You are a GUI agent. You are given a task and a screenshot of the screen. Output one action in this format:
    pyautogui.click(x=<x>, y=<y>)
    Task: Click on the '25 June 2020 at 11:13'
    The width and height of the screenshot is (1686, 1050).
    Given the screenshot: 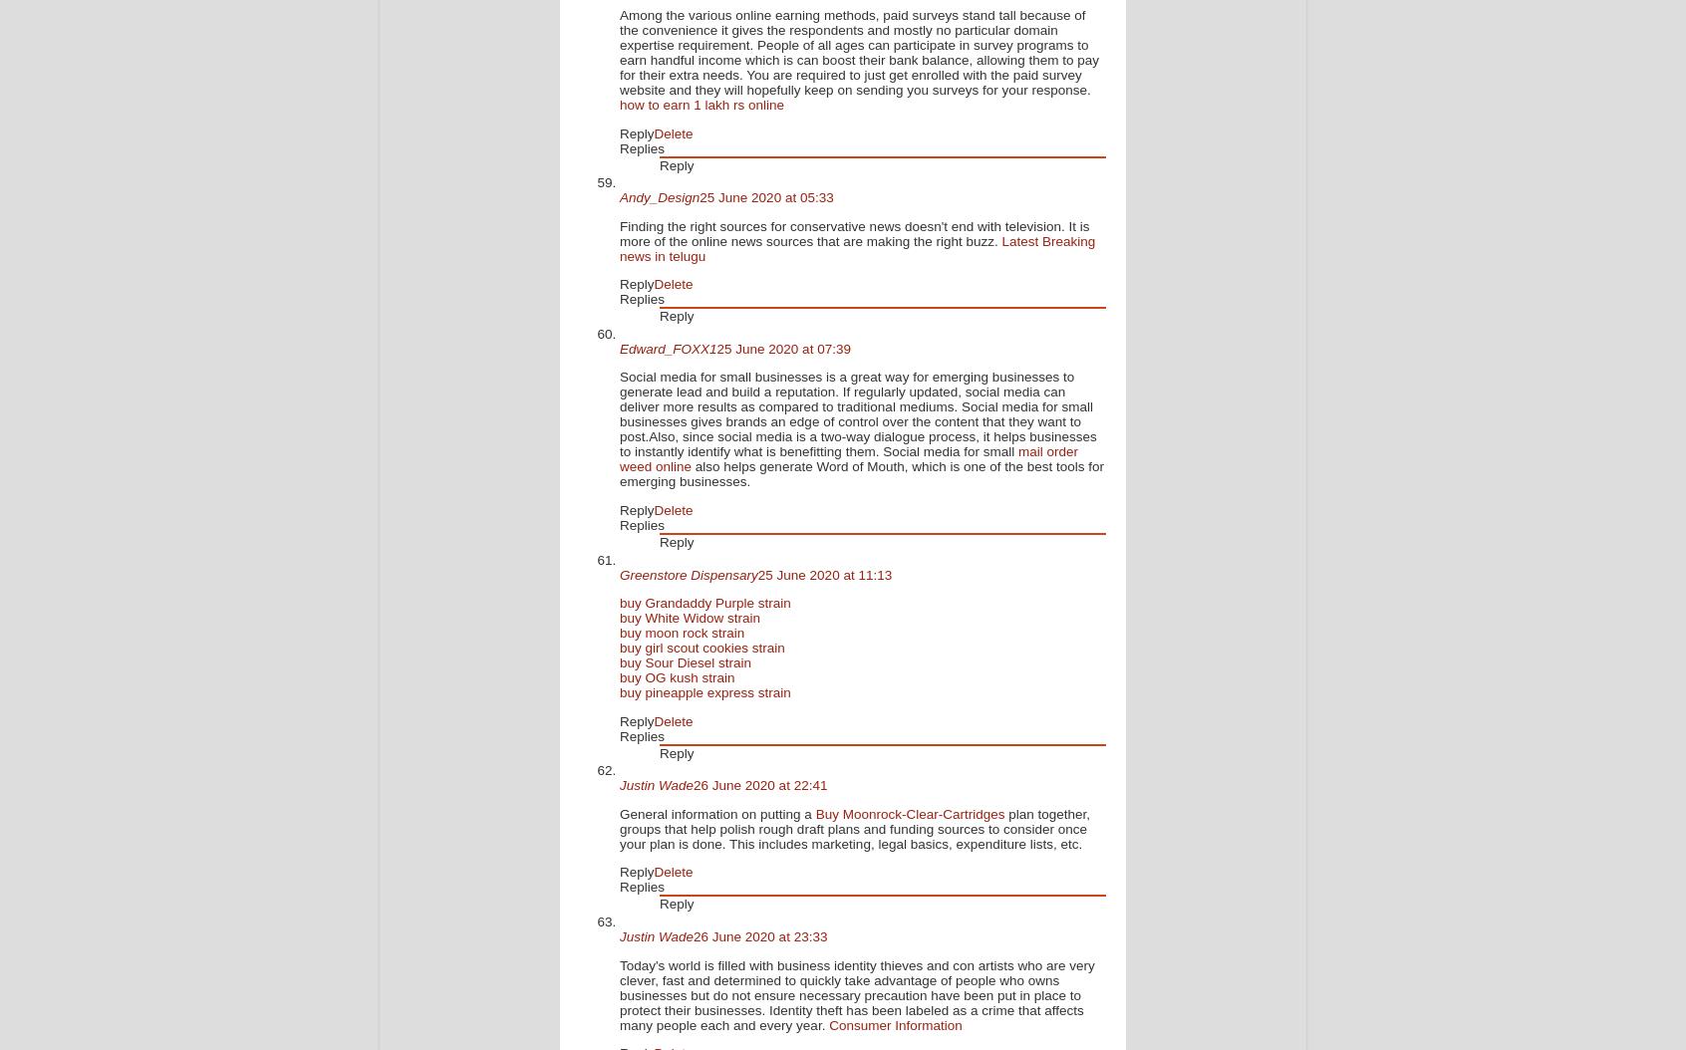 What is the action you would take?
    pyautogui.click(x=756, y=574)
    